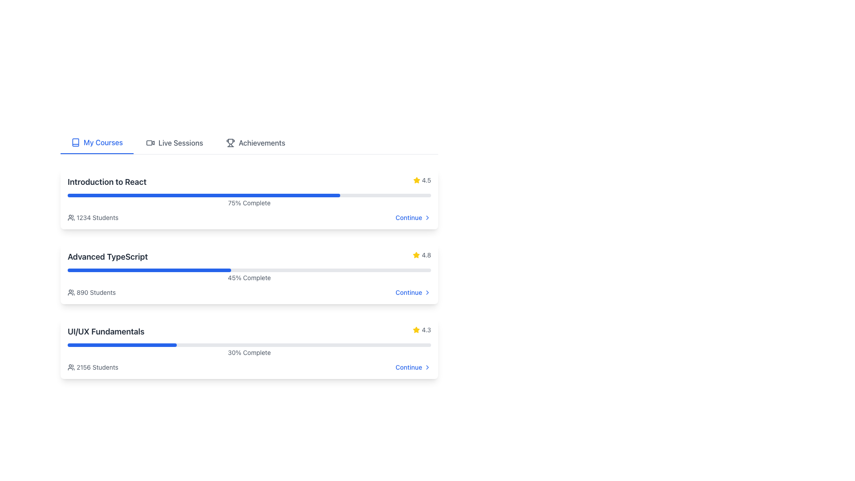 This screenshot has width=855, height=481. I want to click on the yellow star icon indicating the rating in the 'UI/UX Fundamentals' course section, which is located to the left of the numerical rating '4.3', so click(416, 330).